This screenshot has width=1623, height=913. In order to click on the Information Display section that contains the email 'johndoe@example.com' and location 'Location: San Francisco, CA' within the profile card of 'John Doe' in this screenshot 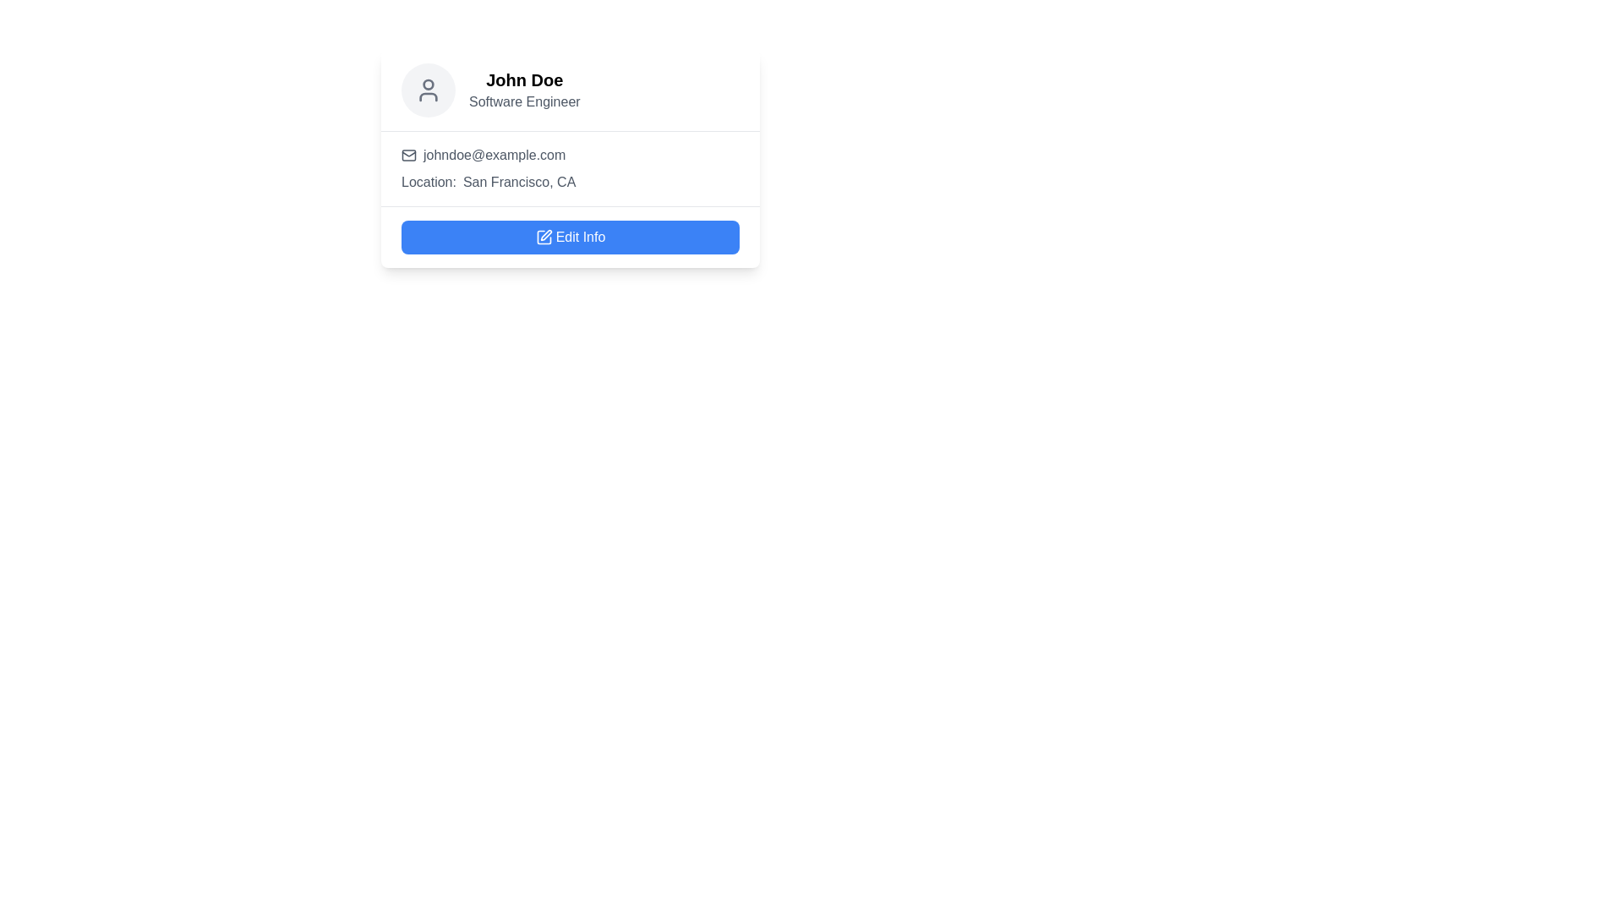, I will do `click(571, 168)`.